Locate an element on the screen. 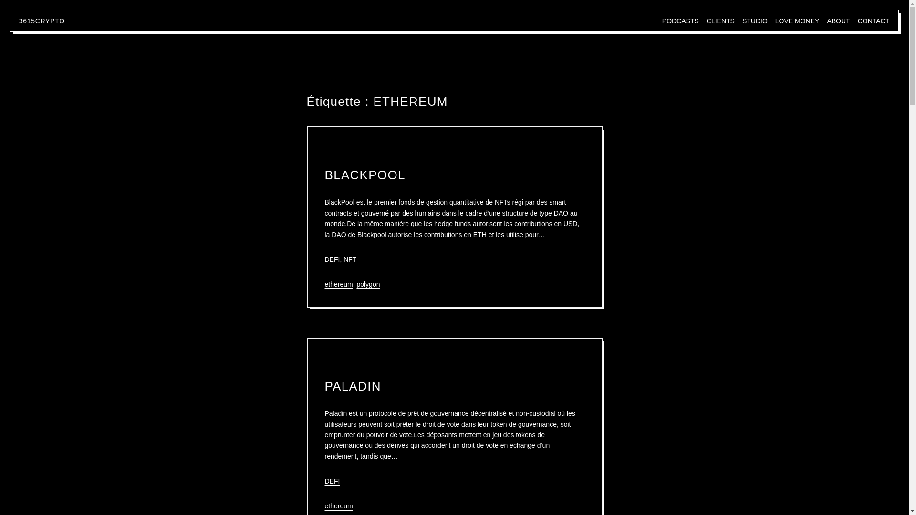  'DEFI' is located at coordinates (332, 259).